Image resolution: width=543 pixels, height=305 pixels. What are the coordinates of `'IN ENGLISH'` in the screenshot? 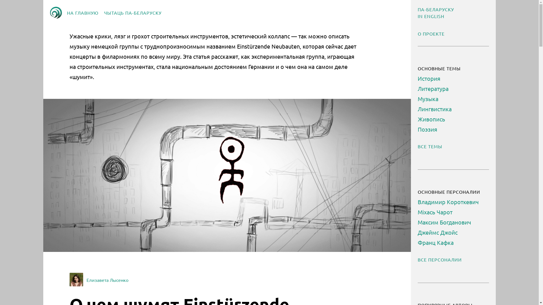 It's located at (430, 16).